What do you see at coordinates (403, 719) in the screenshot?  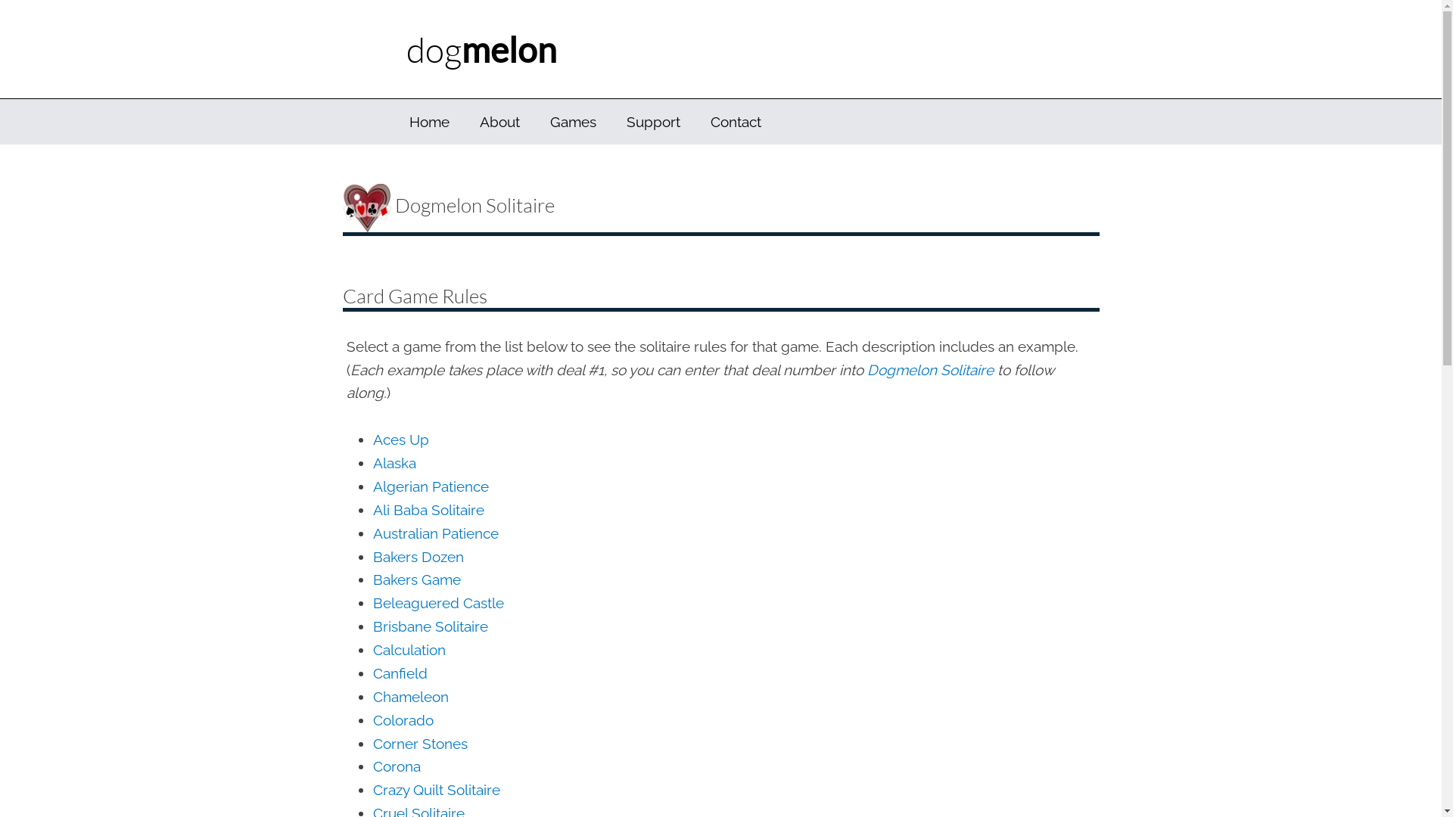 I see `'Colorado'` at bounding box center [403, 719].